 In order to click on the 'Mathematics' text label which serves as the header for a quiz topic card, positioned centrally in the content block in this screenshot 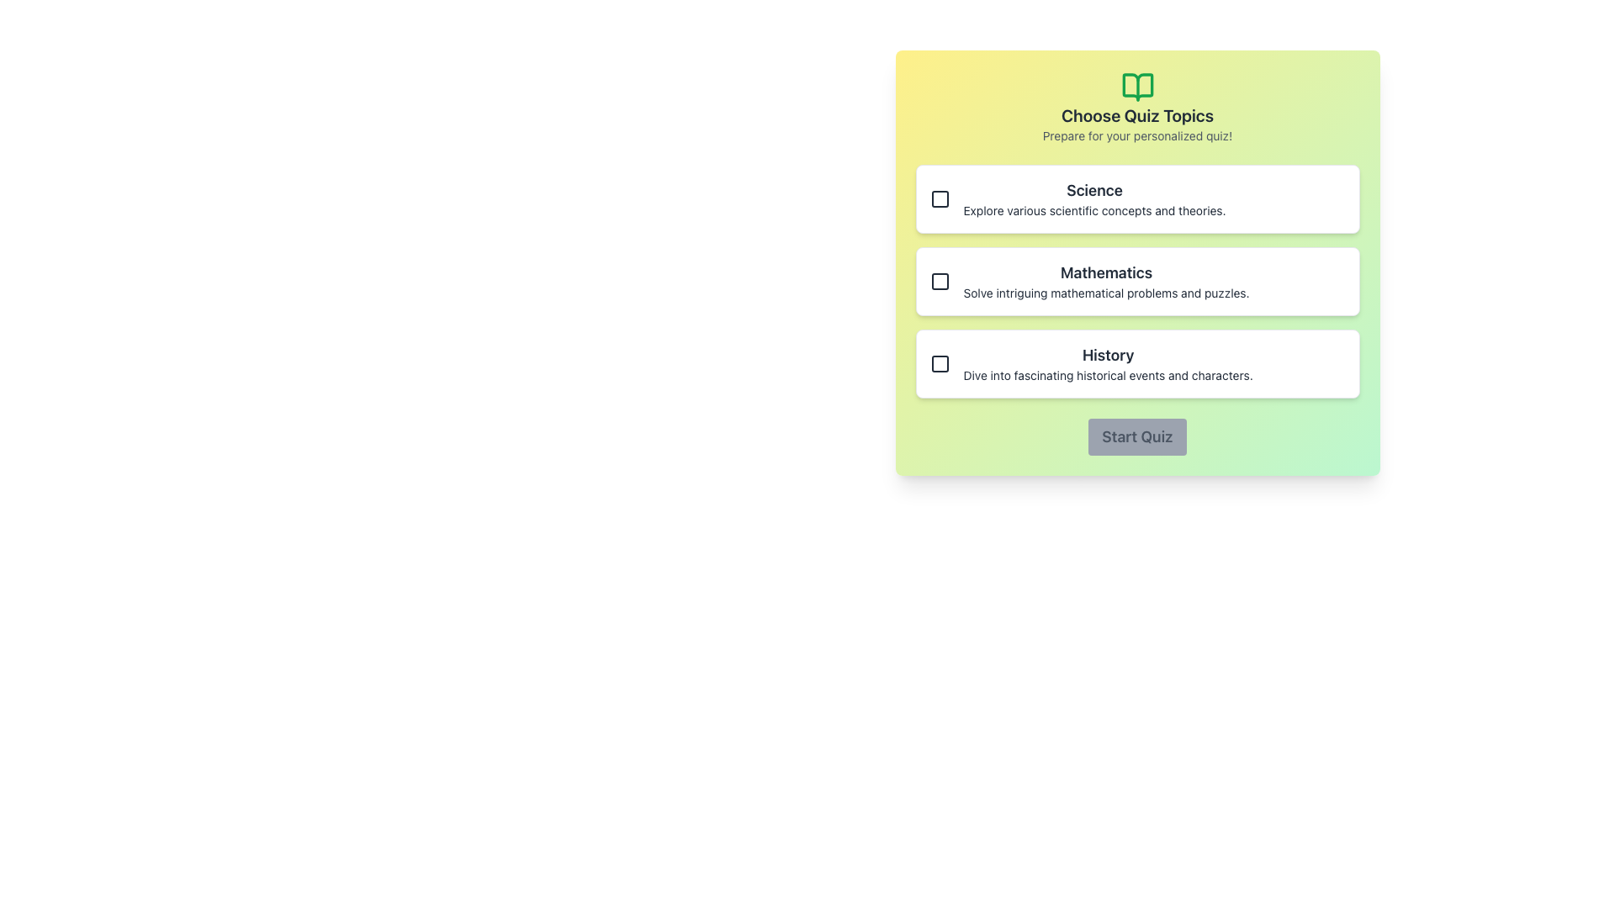, I will do `click(1106, 272)`.